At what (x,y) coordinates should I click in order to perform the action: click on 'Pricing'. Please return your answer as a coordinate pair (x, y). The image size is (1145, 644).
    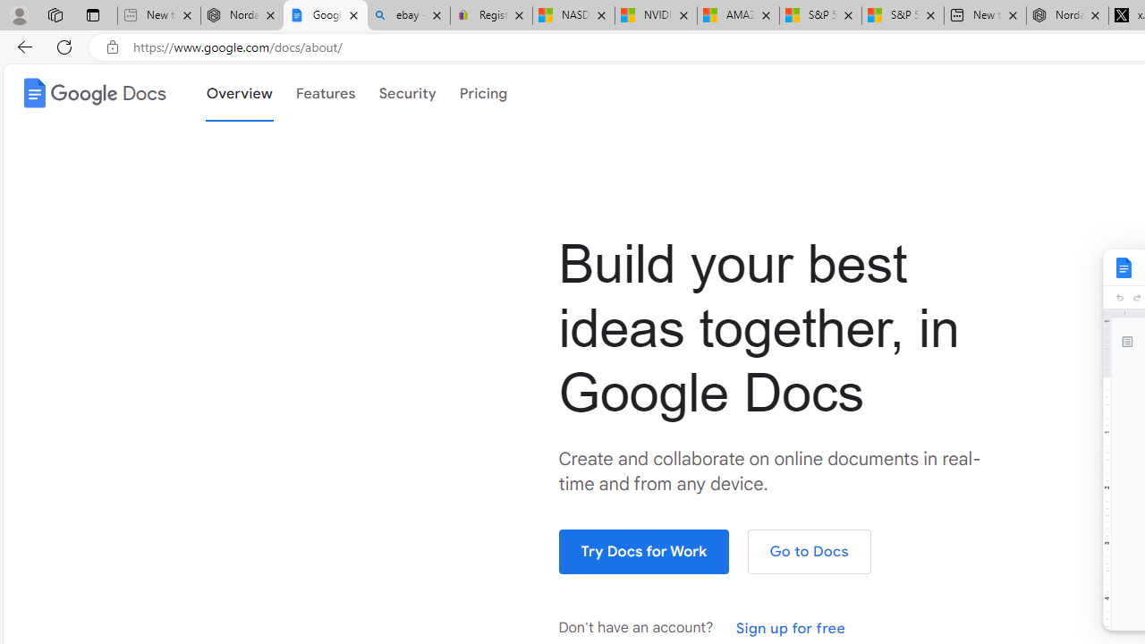
    Looking at the image, I should click on (483, 91).